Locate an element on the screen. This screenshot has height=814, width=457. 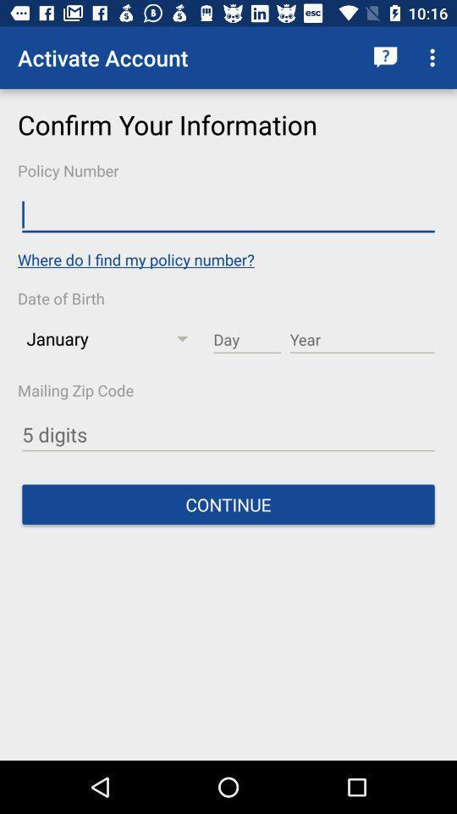
type the zip code is located at coordinates (228, 434).